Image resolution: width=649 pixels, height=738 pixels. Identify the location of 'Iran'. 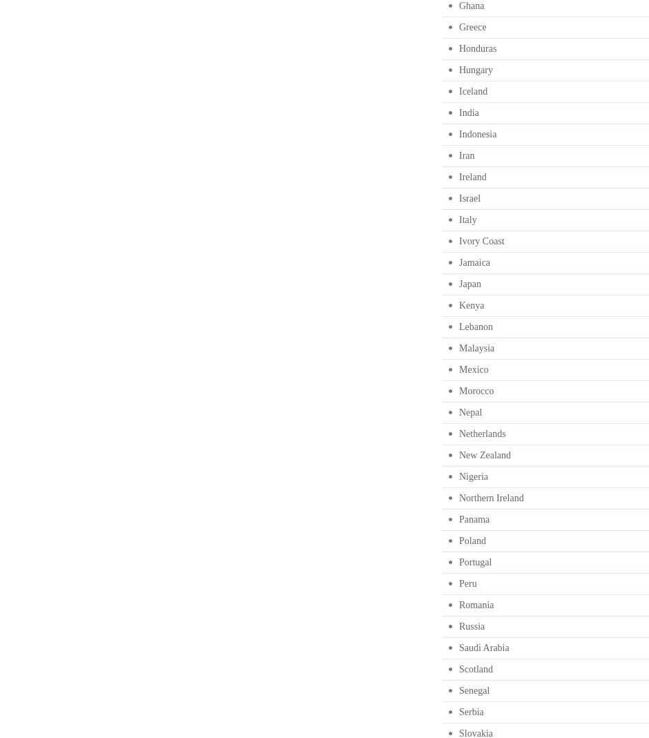
(465, 155).